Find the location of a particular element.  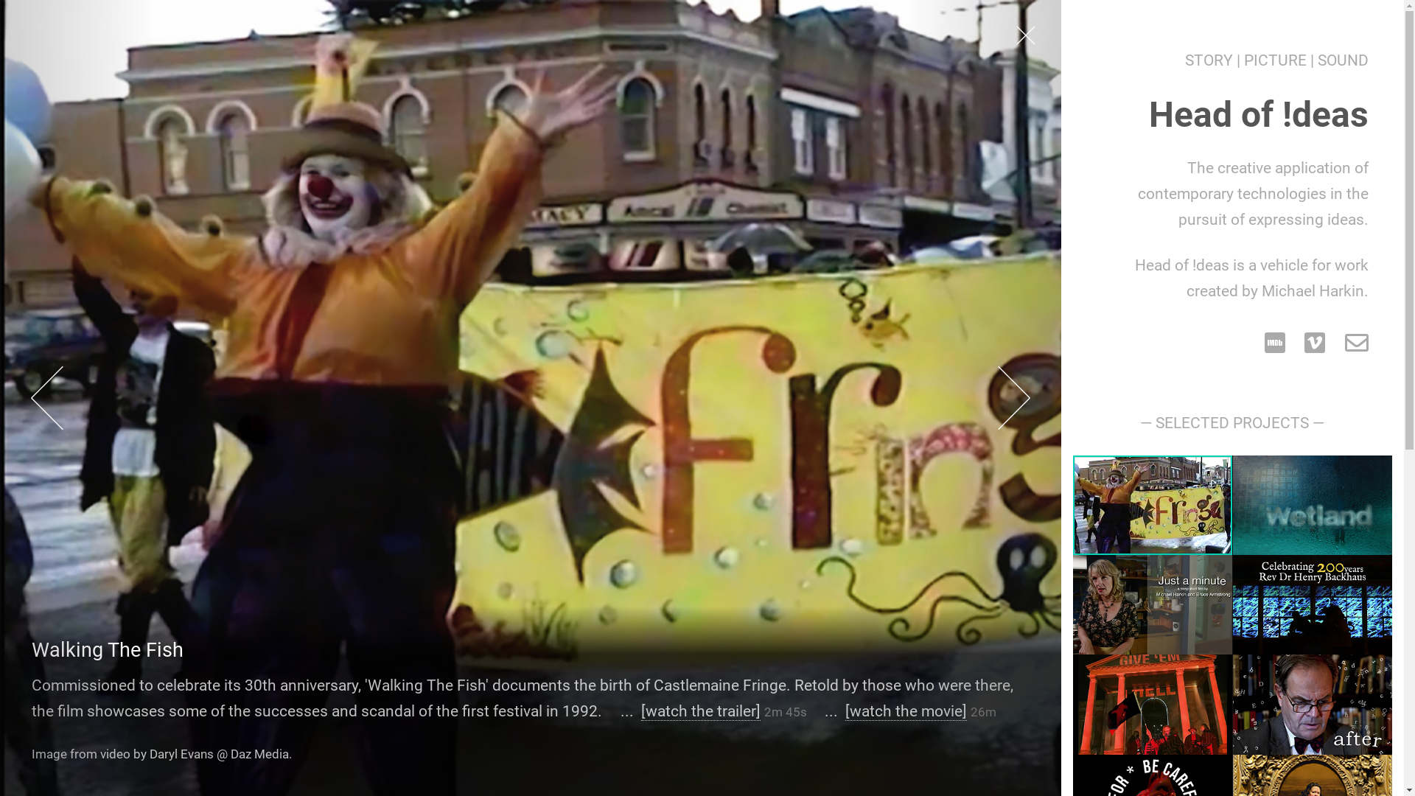

'[watch the trailer]' is located at coordinates (699, 710).